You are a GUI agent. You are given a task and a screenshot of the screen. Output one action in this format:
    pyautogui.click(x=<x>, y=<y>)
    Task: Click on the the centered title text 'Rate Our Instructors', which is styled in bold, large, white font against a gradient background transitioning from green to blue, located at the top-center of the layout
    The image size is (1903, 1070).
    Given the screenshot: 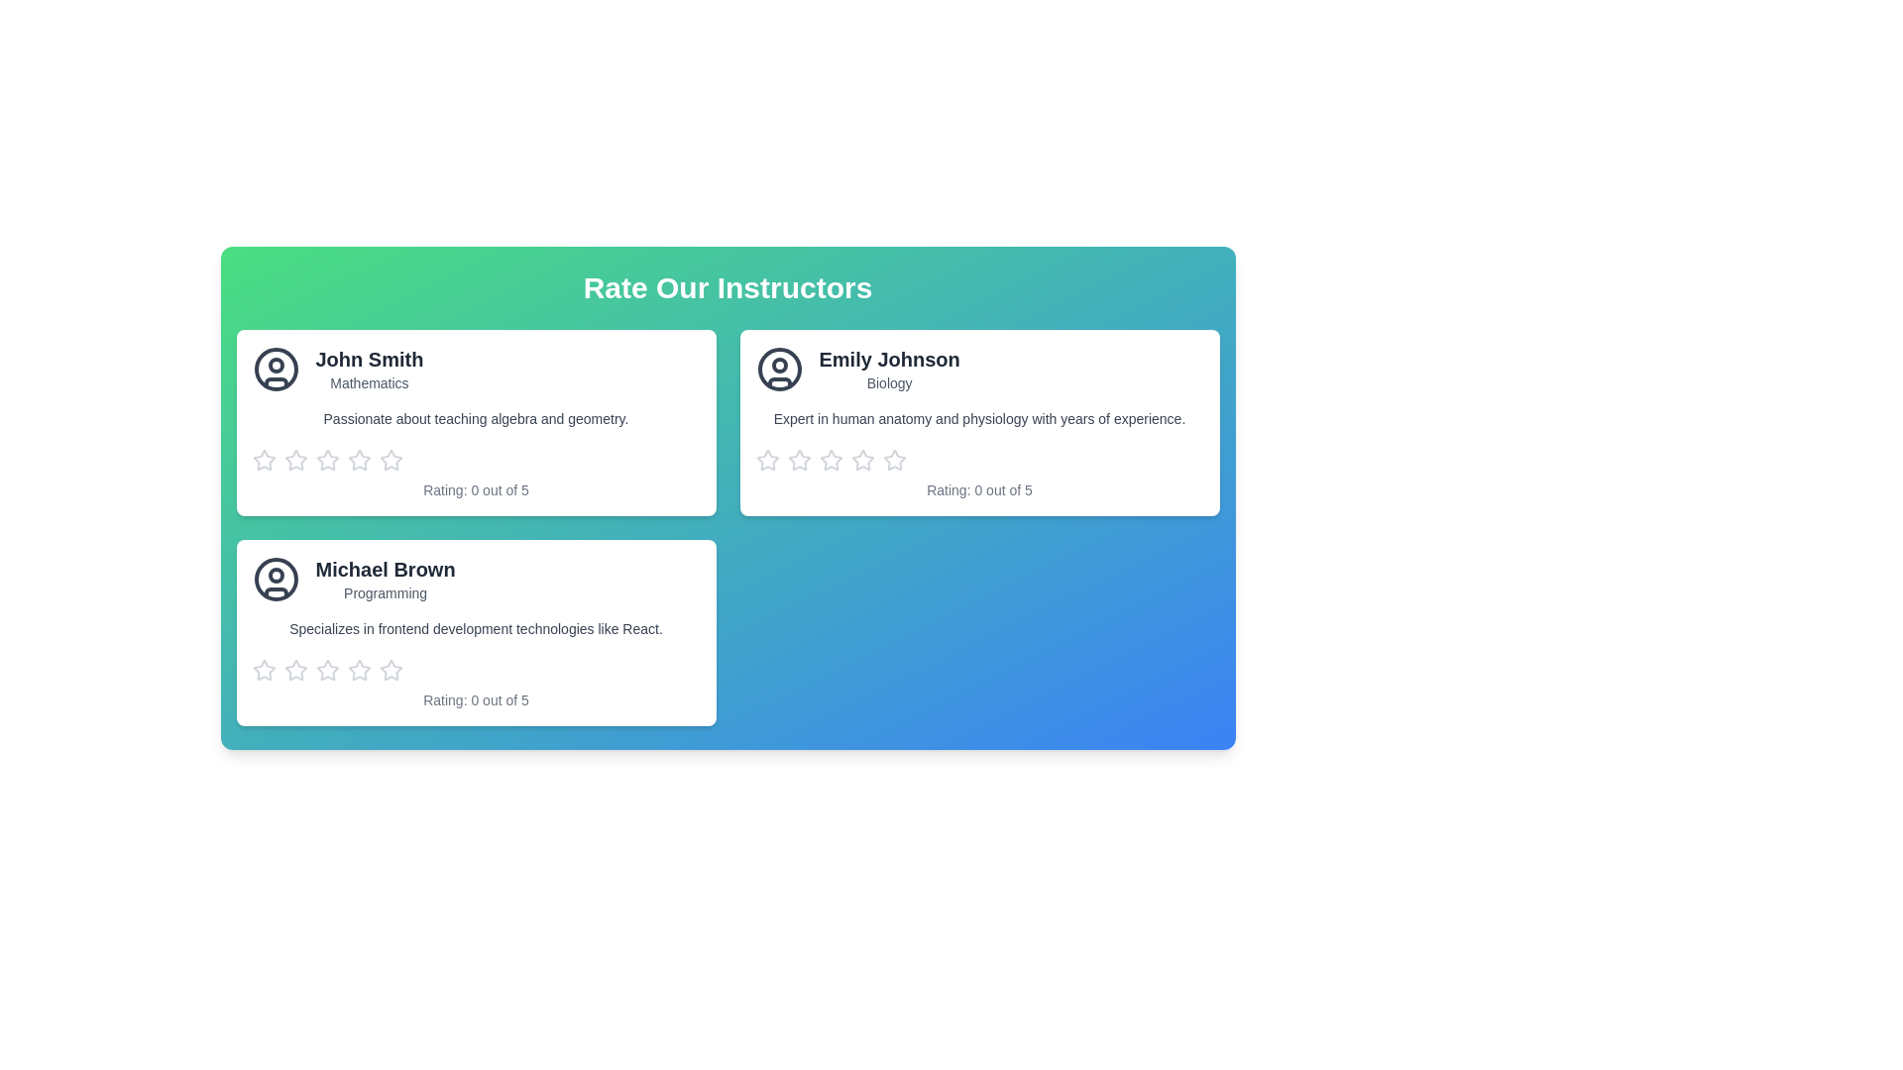 What is the action you would take?
    pyautogui.click(x=727, y=287)
    